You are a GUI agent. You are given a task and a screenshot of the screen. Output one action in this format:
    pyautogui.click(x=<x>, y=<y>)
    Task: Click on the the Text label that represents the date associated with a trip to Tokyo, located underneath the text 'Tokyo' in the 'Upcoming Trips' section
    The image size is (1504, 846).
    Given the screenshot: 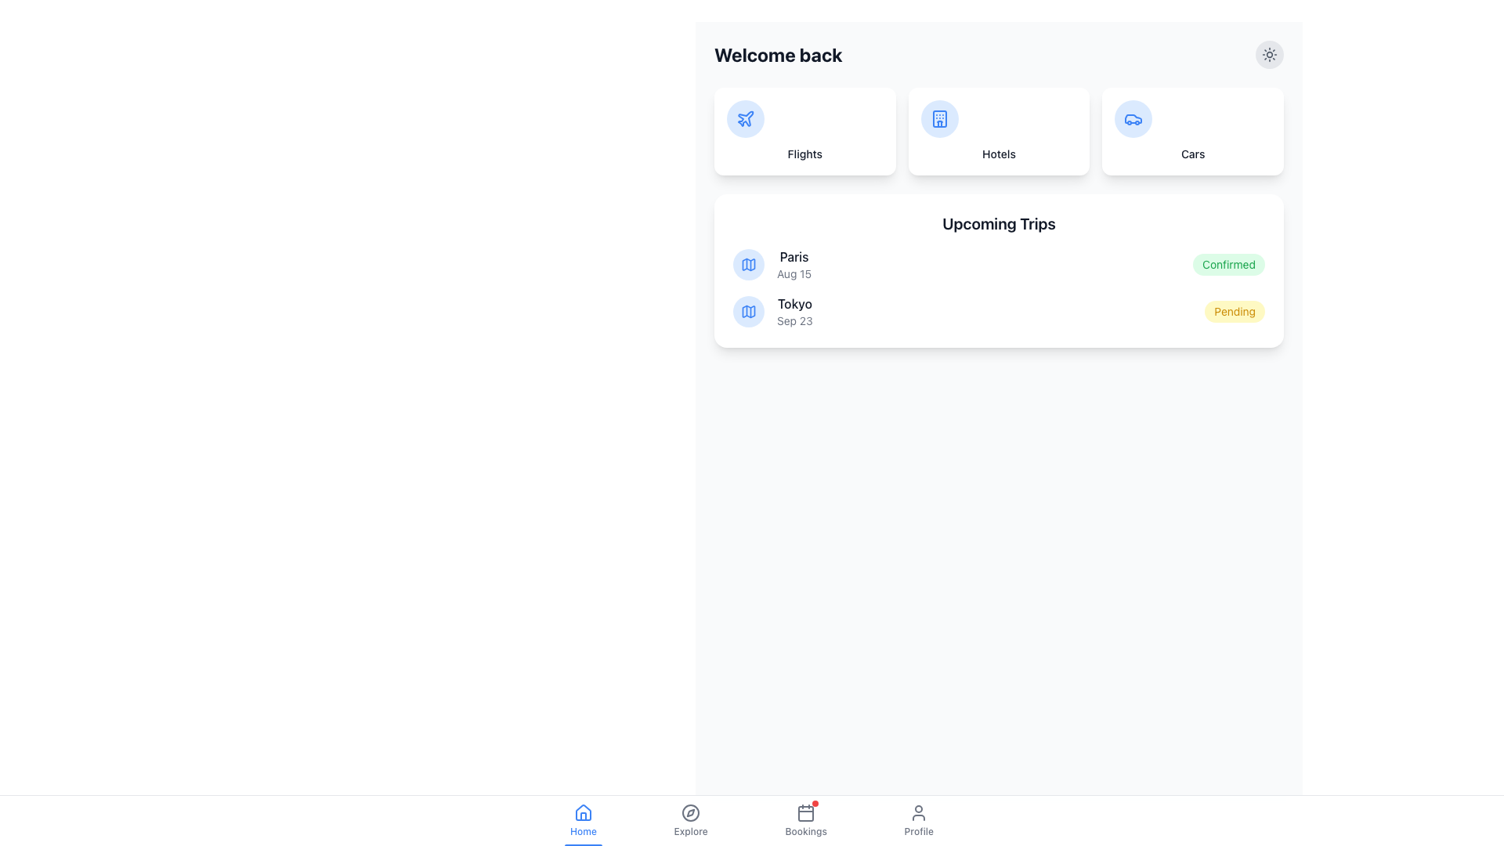 What is the action you would take?
    pyautogui.click(x=794, y=320)
    